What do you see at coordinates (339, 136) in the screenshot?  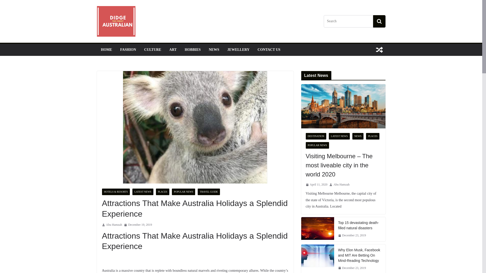 I see `'LATEST NEWS'` at bounding box center [339, 136].